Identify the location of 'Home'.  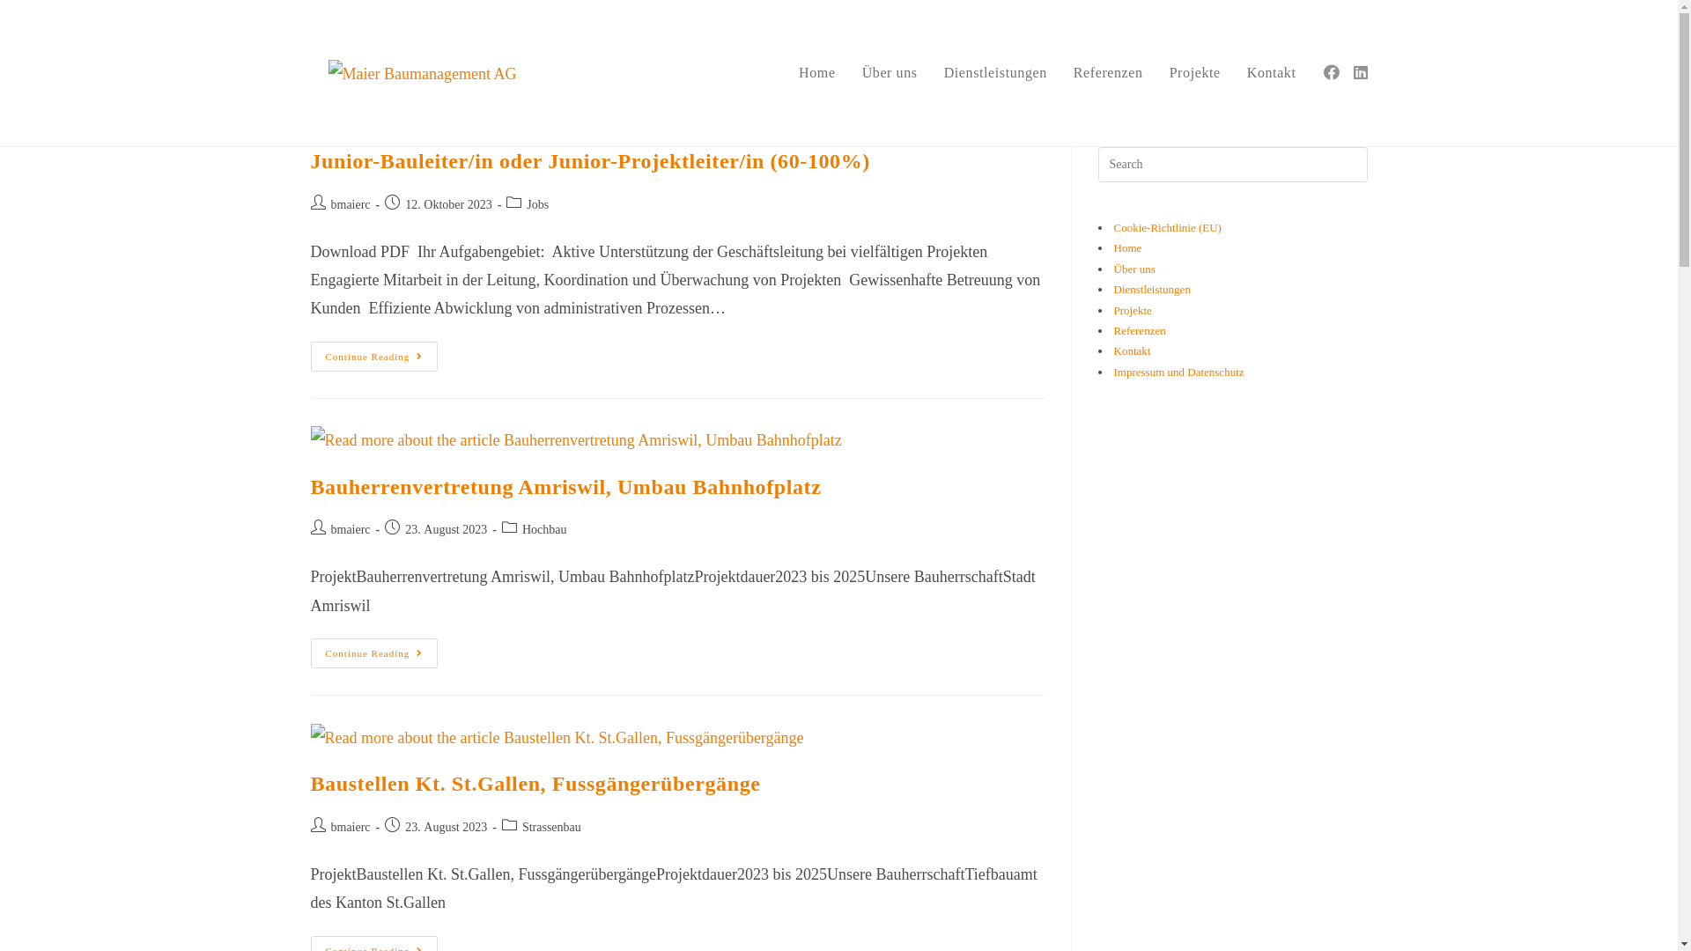
(816, 72).